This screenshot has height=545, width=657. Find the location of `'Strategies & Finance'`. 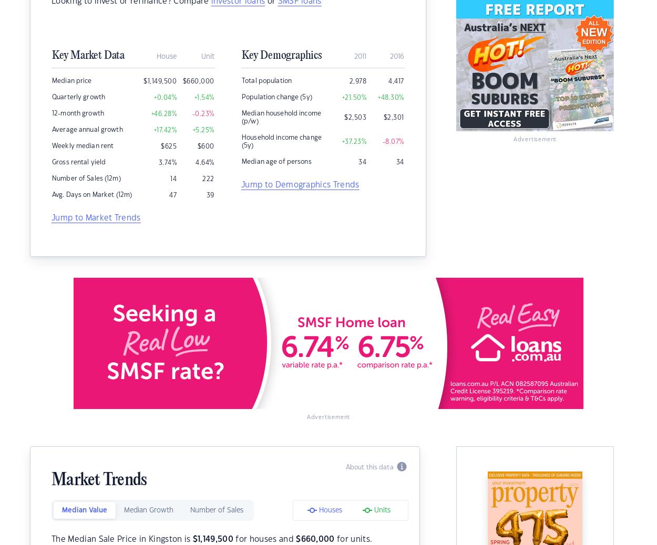

'Strategies & Finance' is located at coordinates (231, 93).